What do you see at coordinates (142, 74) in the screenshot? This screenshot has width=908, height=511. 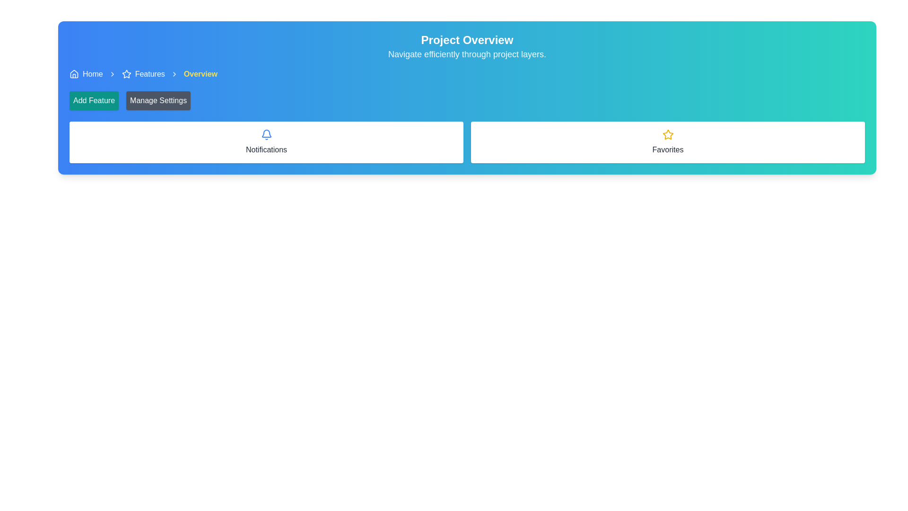 I see `the Breadcrumb navigation link that includes a star-shaped icon and the text 'Features', which is styled with a blue background and white text, positioned between 'Home' and 'Overview'` at bounding box center [142, 74].